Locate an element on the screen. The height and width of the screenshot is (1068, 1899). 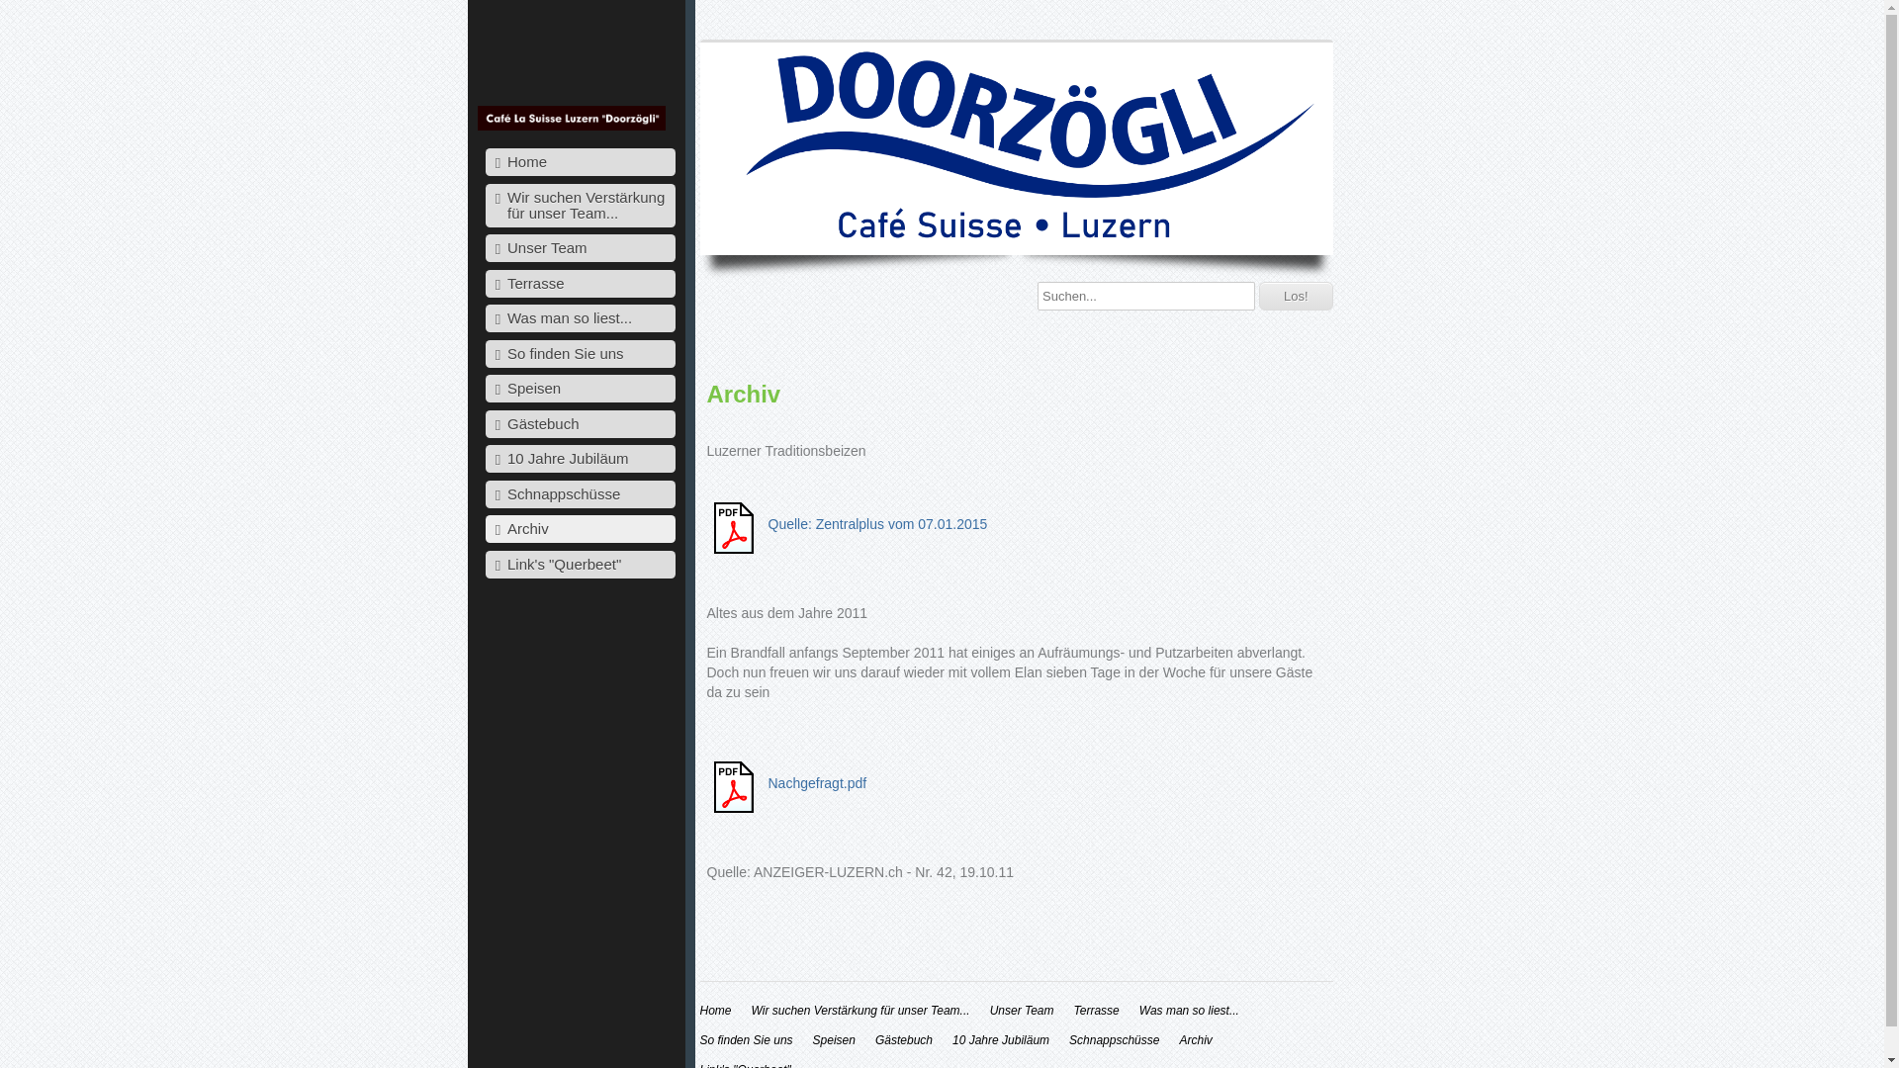
'Nachgefragt.pdf' is located at coordinates (767, 781).